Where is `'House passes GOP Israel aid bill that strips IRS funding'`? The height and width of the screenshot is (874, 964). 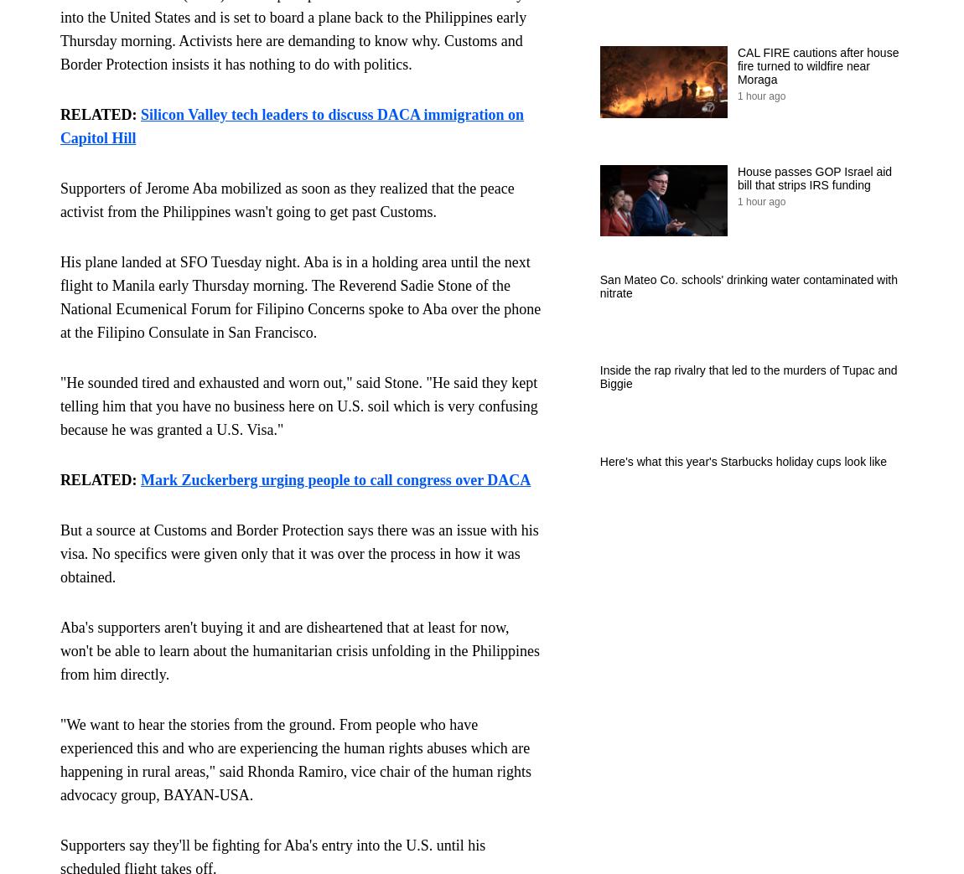
'House passes GOP Israel aid bill that strips IRS funding' is located at coordinates (814, 177).